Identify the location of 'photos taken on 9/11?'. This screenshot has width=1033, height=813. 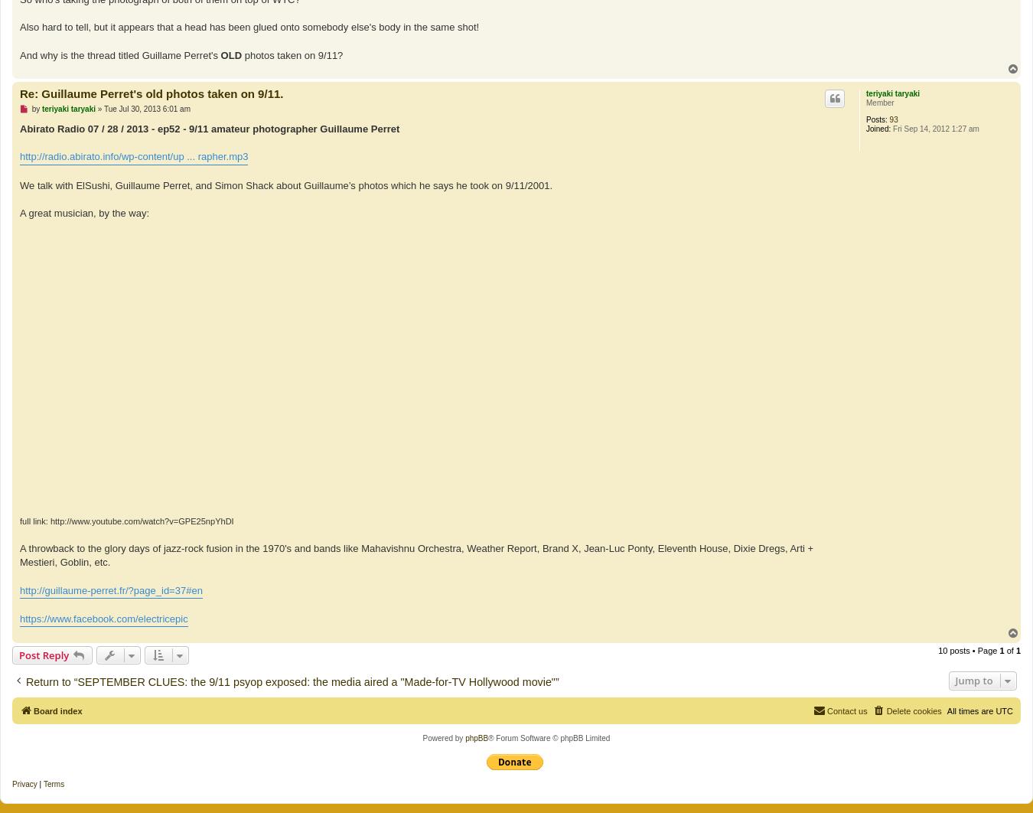
(292, 54).